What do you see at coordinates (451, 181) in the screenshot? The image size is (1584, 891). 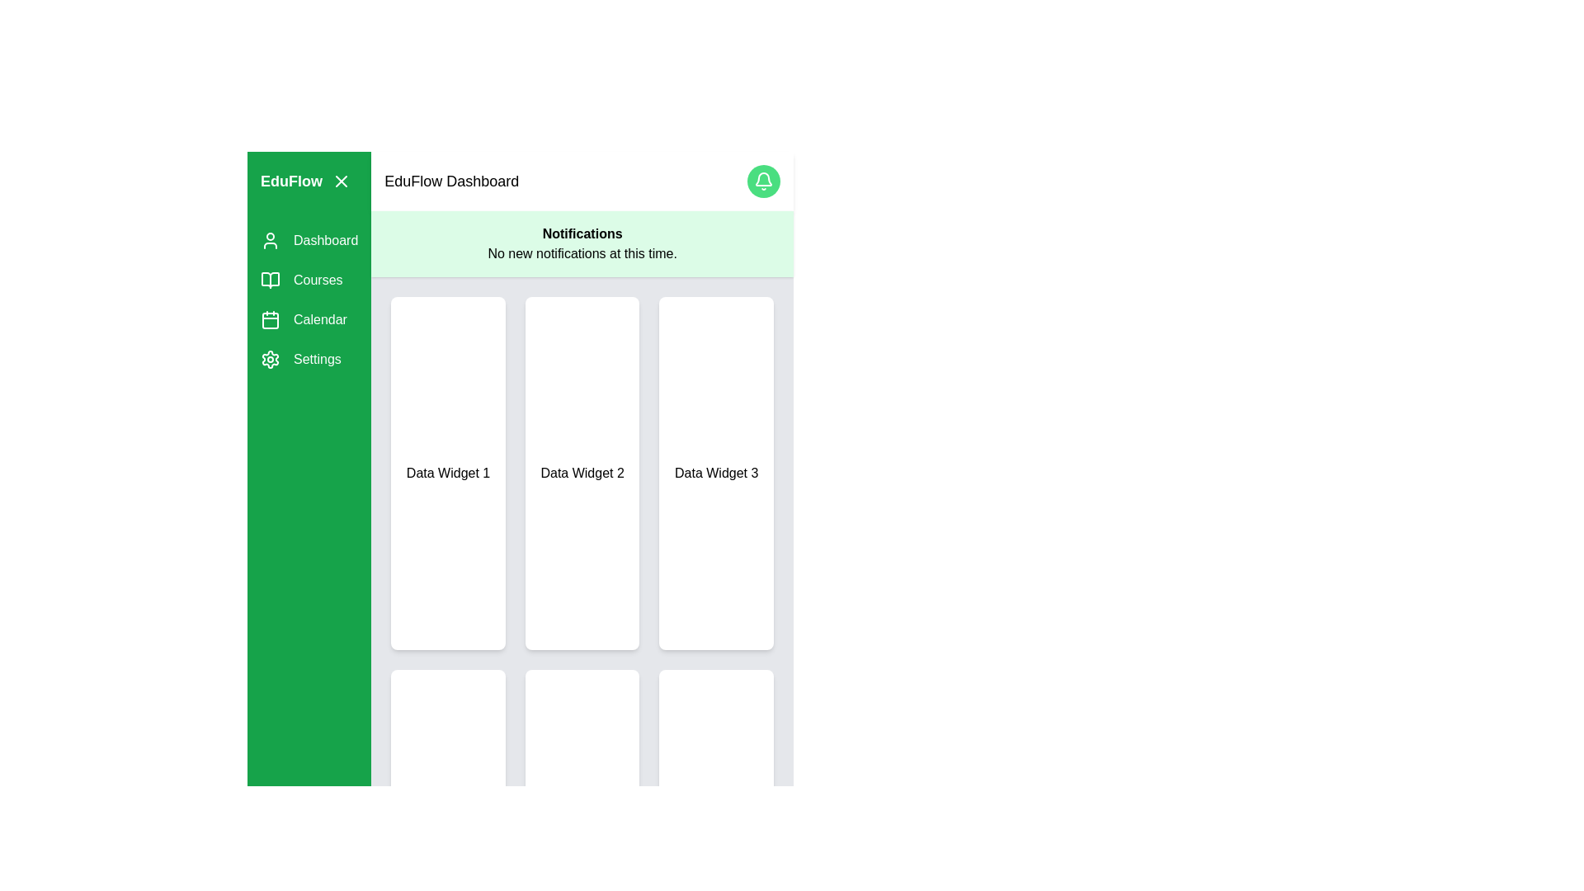 I see `the 'EduFlow Dashboard' label located` at bounding box center [451, 181].